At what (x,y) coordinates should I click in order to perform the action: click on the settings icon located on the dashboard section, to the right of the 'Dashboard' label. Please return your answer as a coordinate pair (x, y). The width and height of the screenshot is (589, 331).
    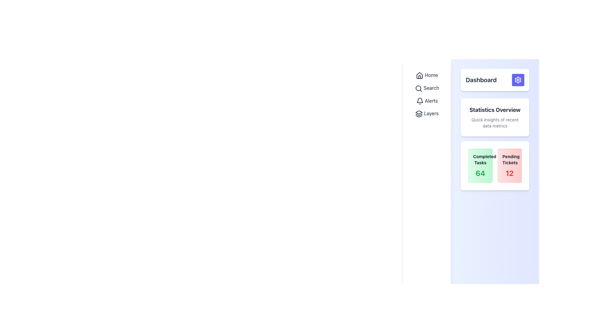
    Looking at the image, I should click on (518, 80).